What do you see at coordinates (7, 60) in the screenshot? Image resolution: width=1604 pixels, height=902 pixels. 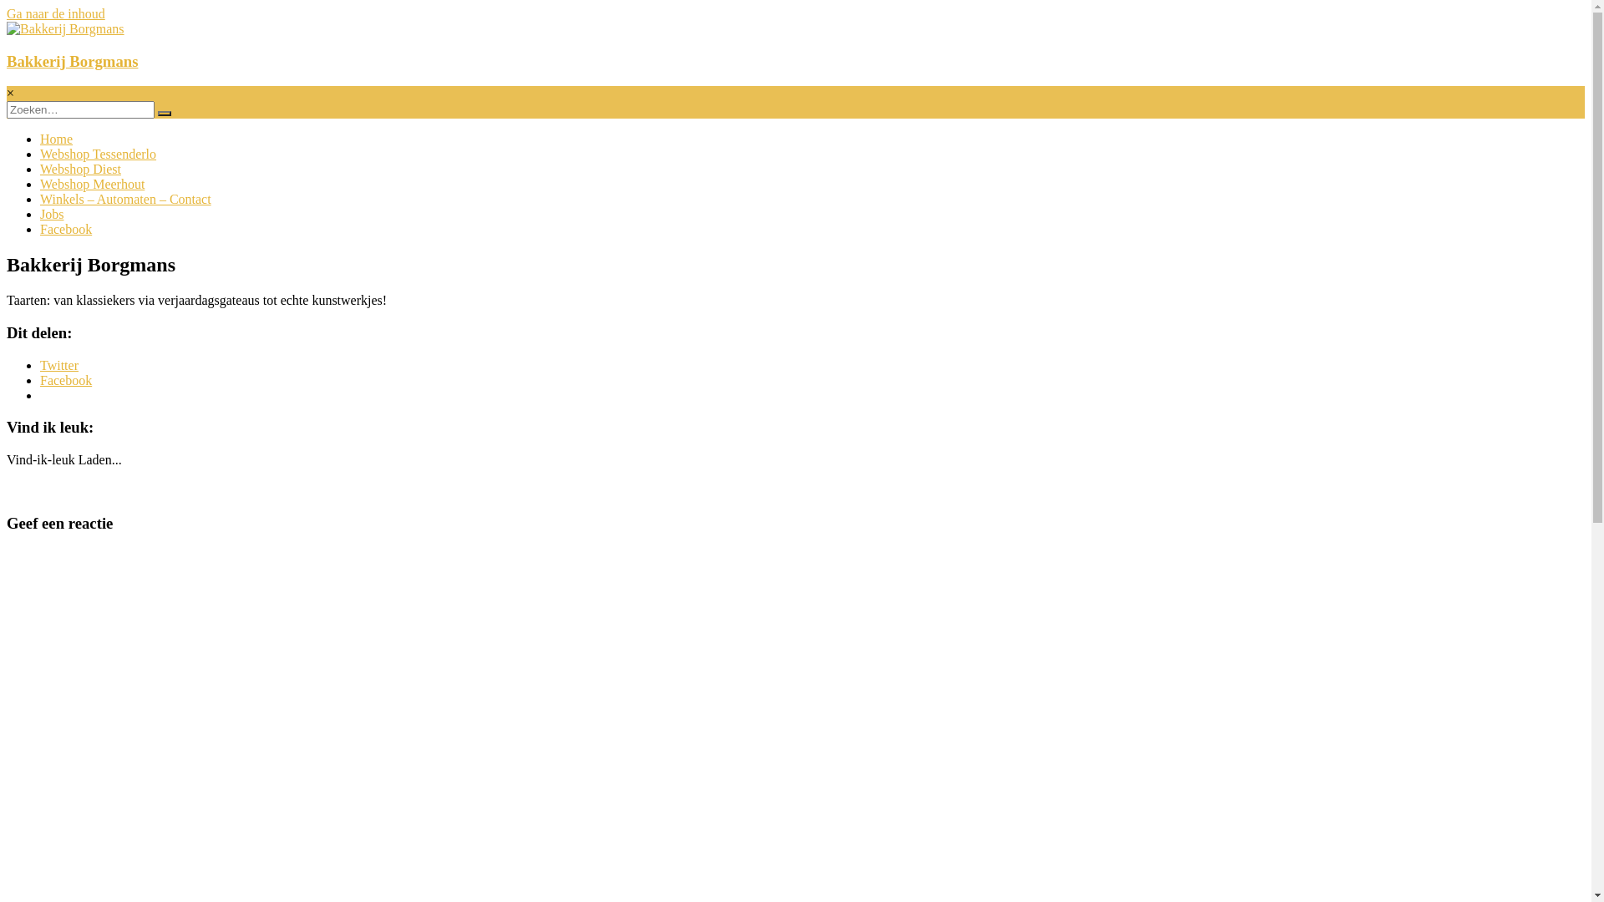 I see `'Bakkerij Borgmans'` at bounding box center [7, 60].